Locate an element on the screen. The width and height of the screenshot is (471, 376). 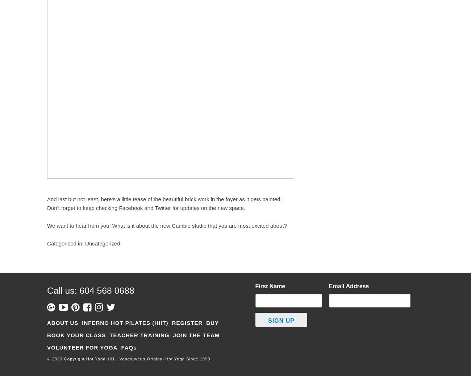
'First Name' is located at coordinates (270, 286).